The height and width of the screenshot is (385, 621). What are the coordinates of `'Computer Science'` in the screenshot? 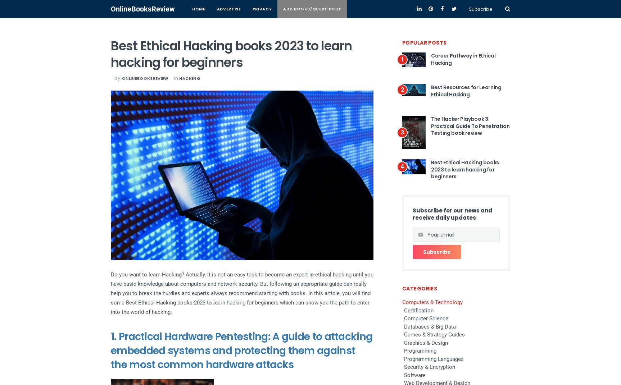 It's located at (426, 318).